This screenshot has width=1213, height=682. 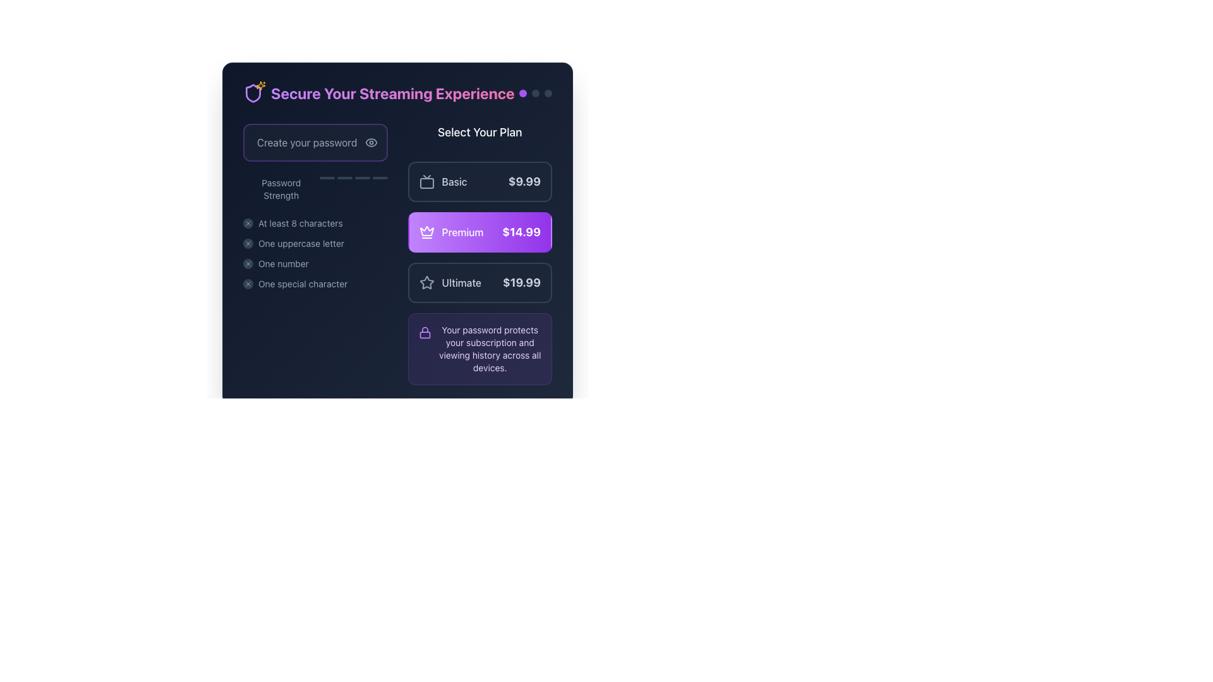 What do you see at coordinates (426, 232) in the screenshot?
I see `the 'Premium' plan icon` at bounding box center [426, 232].